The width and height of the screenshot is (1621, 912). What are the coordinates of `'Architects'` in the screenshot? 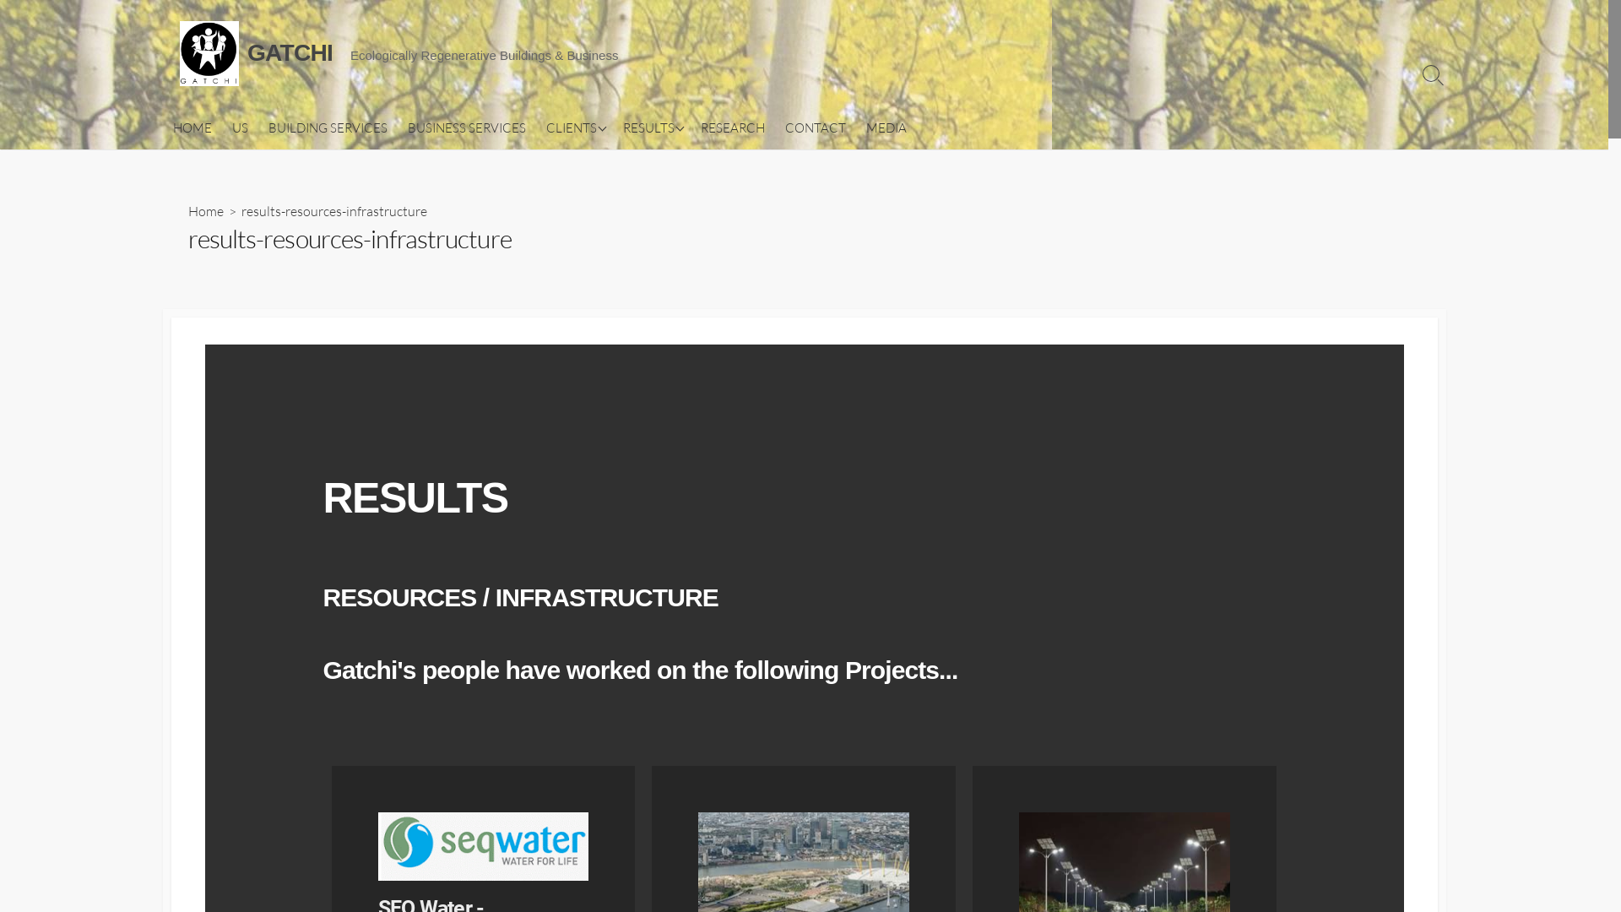 It's located at (619, 186).